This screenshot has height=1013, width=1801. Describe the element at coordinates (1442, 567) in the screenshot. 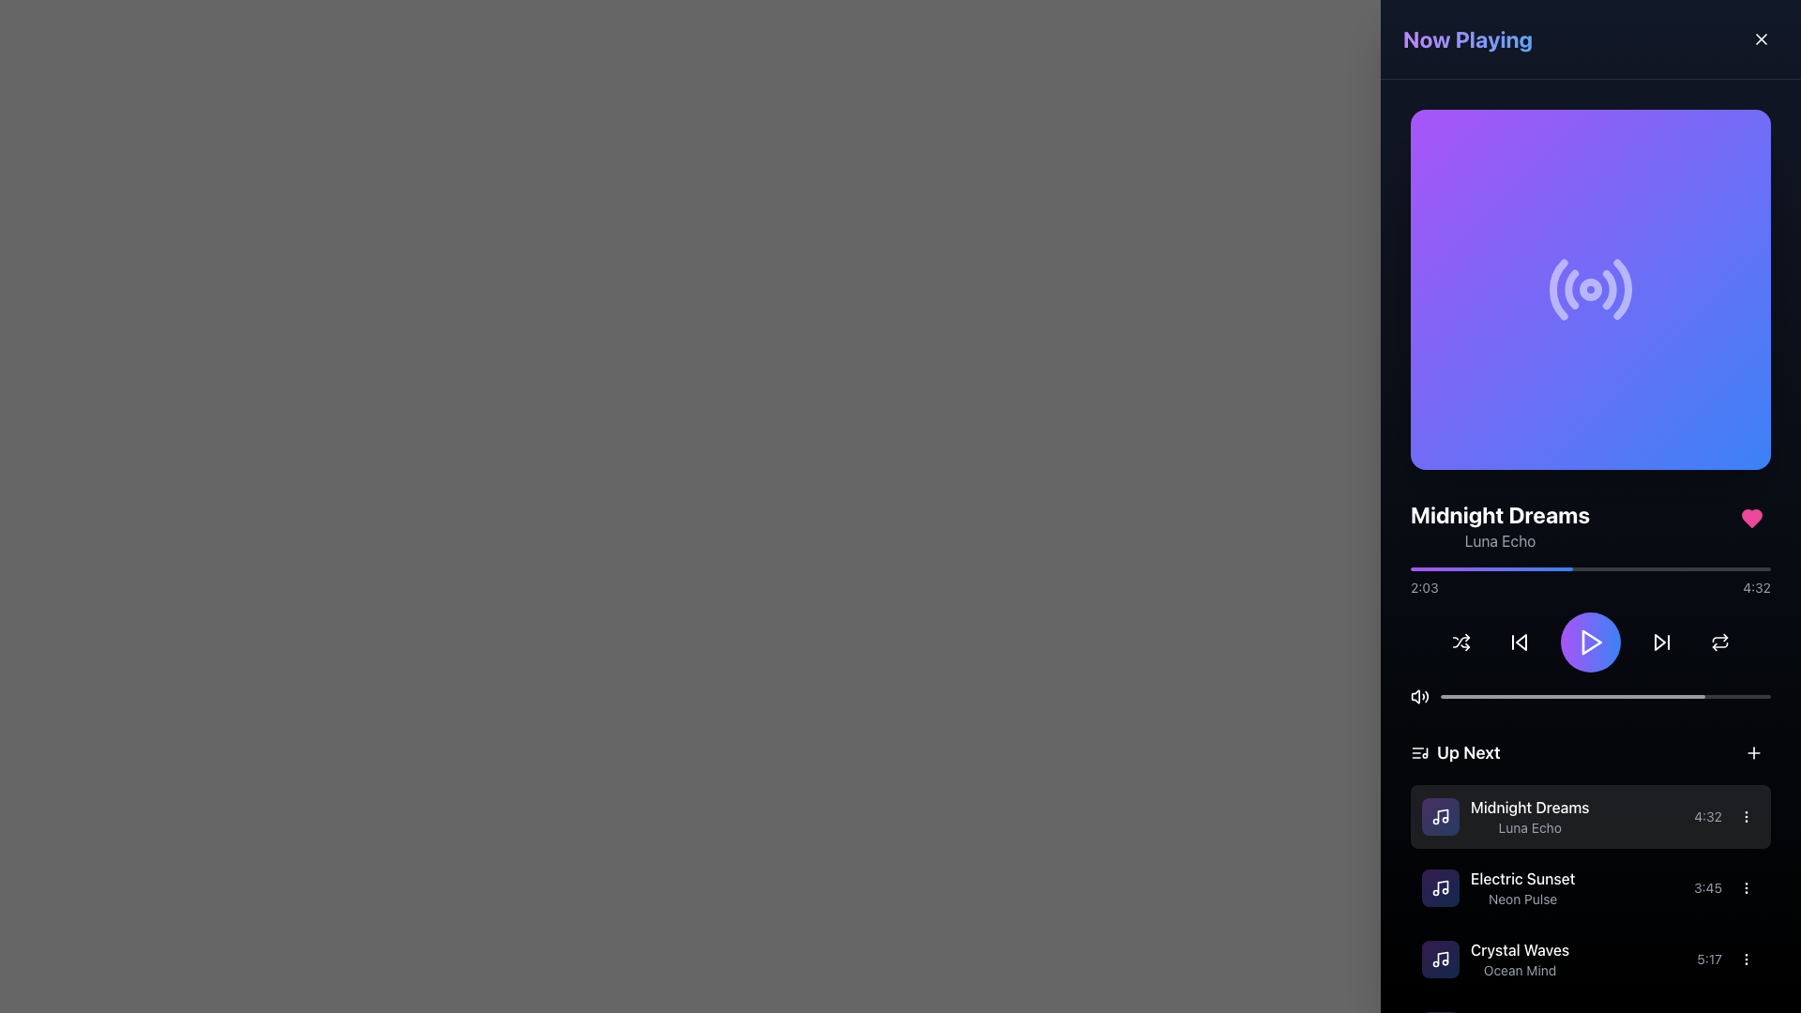

I see `the progress bar` at that location.